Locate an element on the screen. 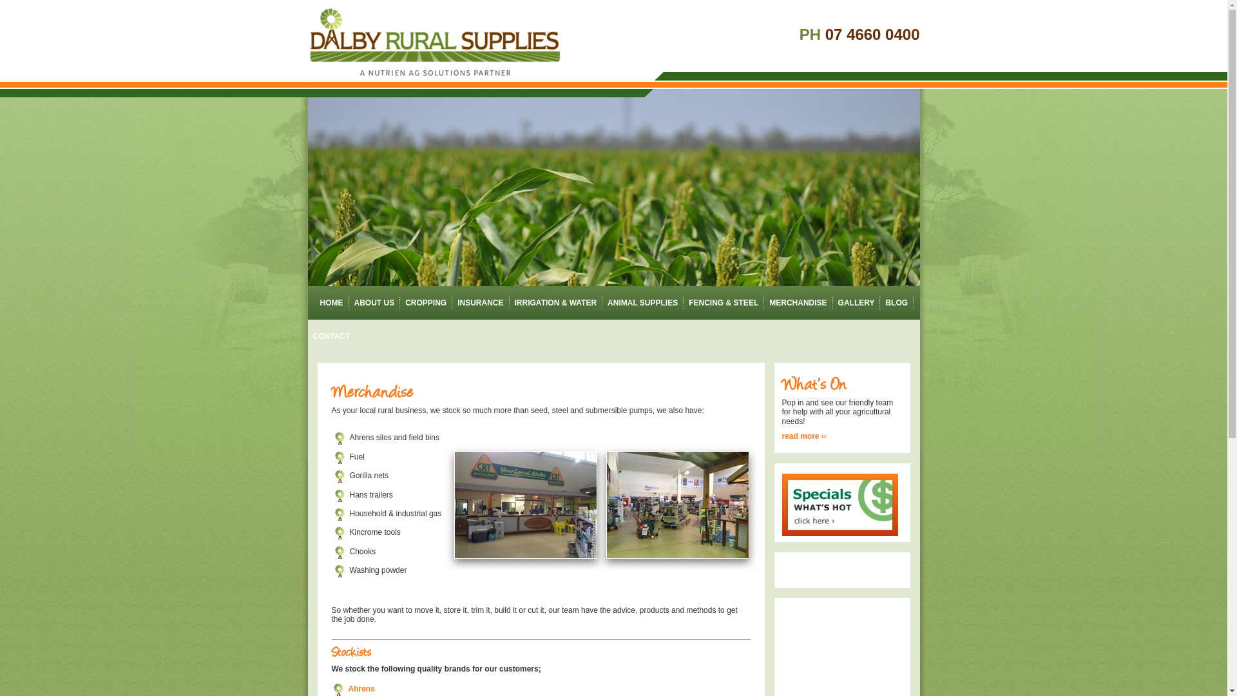 This screenshot has height=696, width=1237. 'MERCHANDISE' is located at coordinates (797, 303).